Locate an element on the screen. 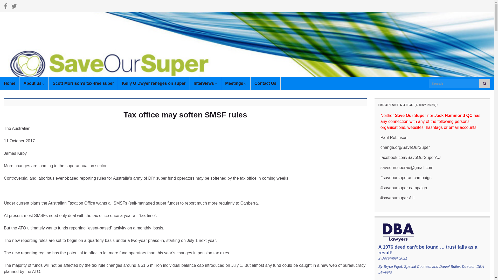  'Meetings' is located at coordinates (235, 83).